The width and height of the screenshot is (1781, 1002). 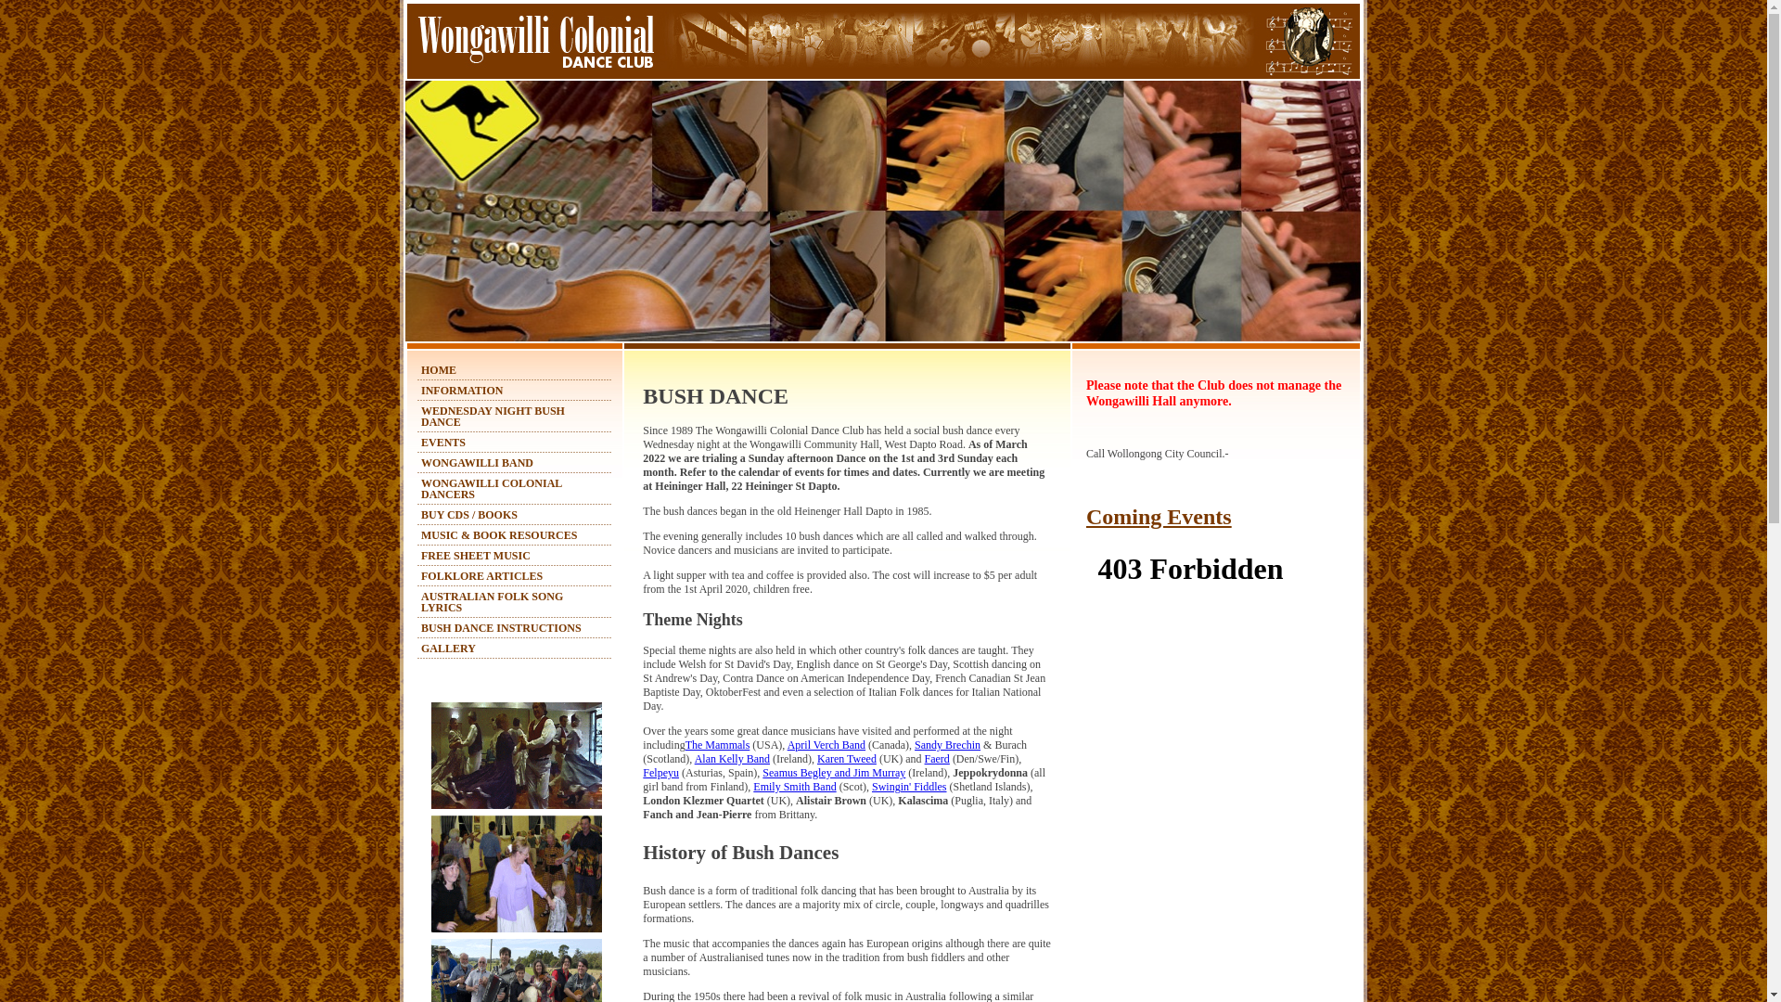 What do you see at coordinates (420, 443) in the screenshot?
I see `'EVENTS'` at bounding box center [420, 443].